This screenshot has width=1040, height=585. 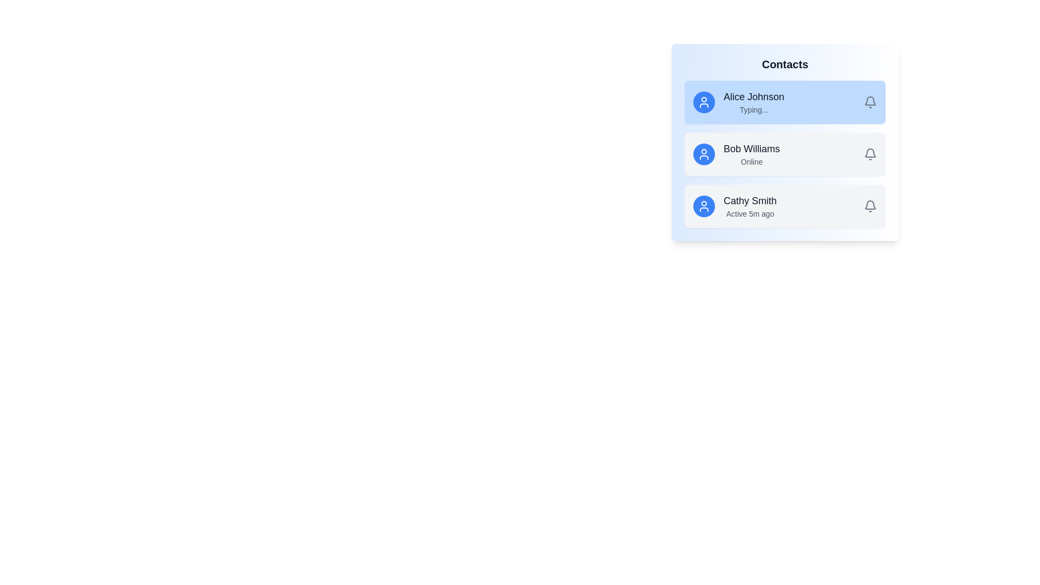 What do you see at coordinates (704, 206) in the screenshot?
I see `the user selection icon with a white outline of a user figure inside a bright blue circular background, located in the third contact card aligned with 'Cathy Smith'` at bounding box center [704, 206].